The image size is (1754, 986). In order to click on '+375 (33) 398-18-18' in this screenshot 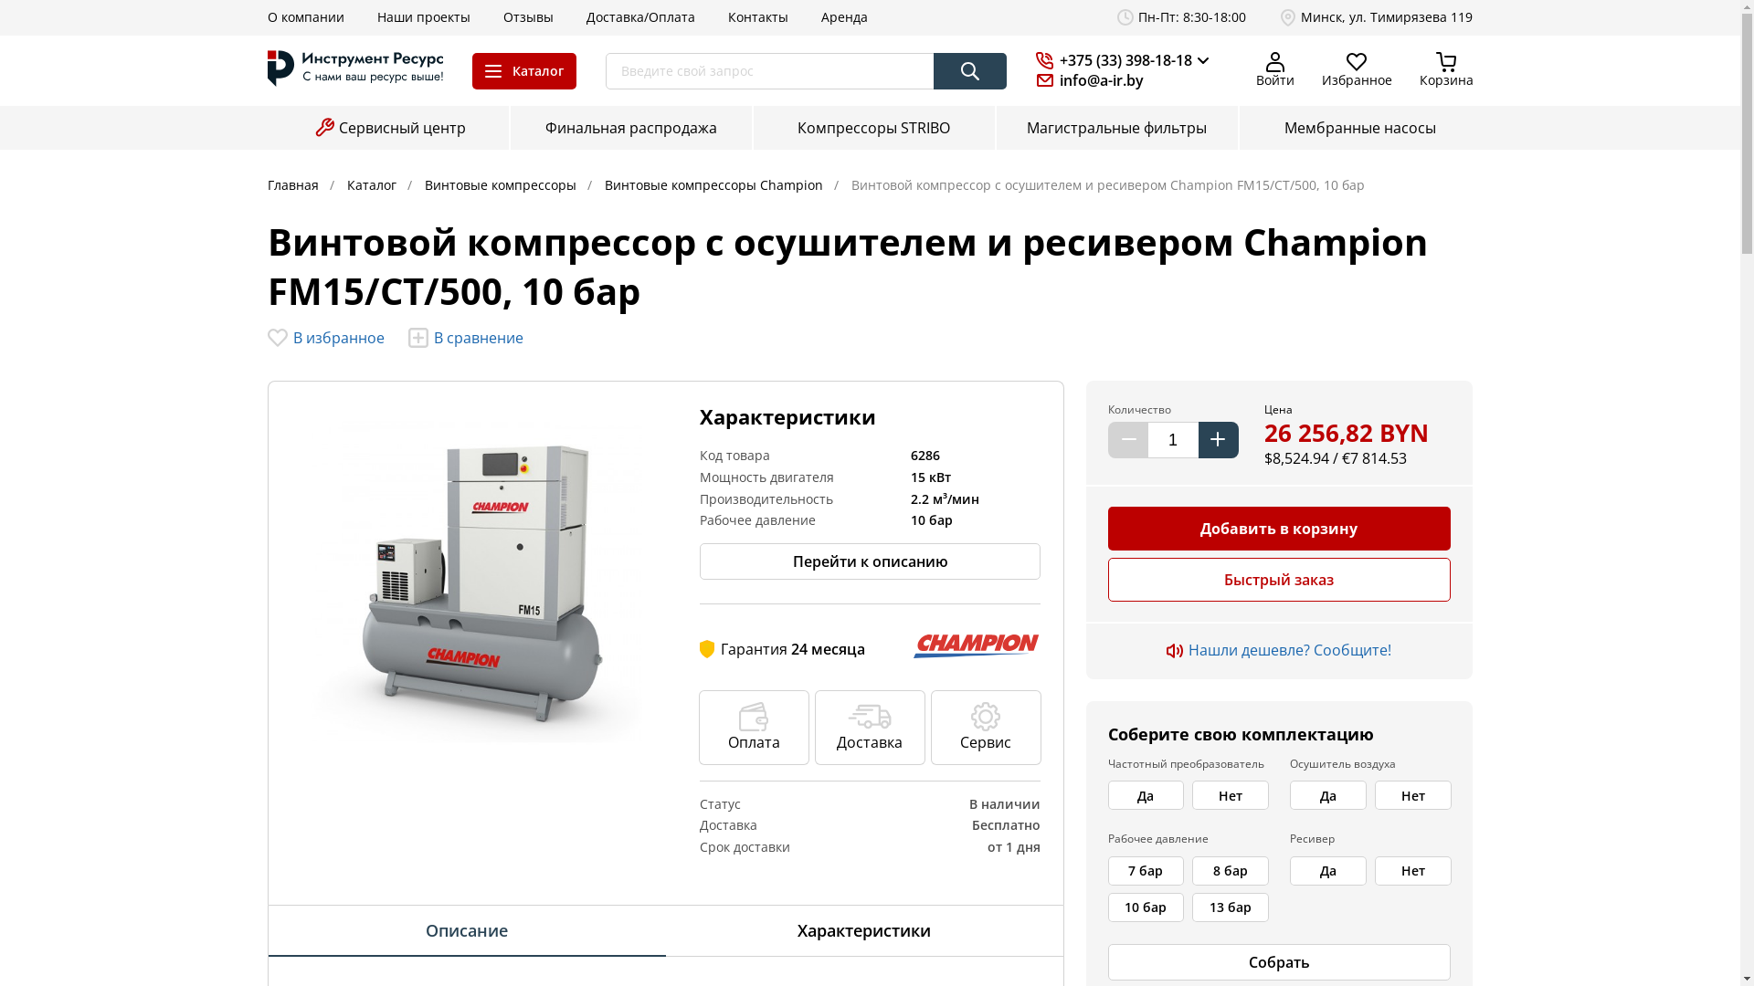, I will do `click(1125, 58)`.